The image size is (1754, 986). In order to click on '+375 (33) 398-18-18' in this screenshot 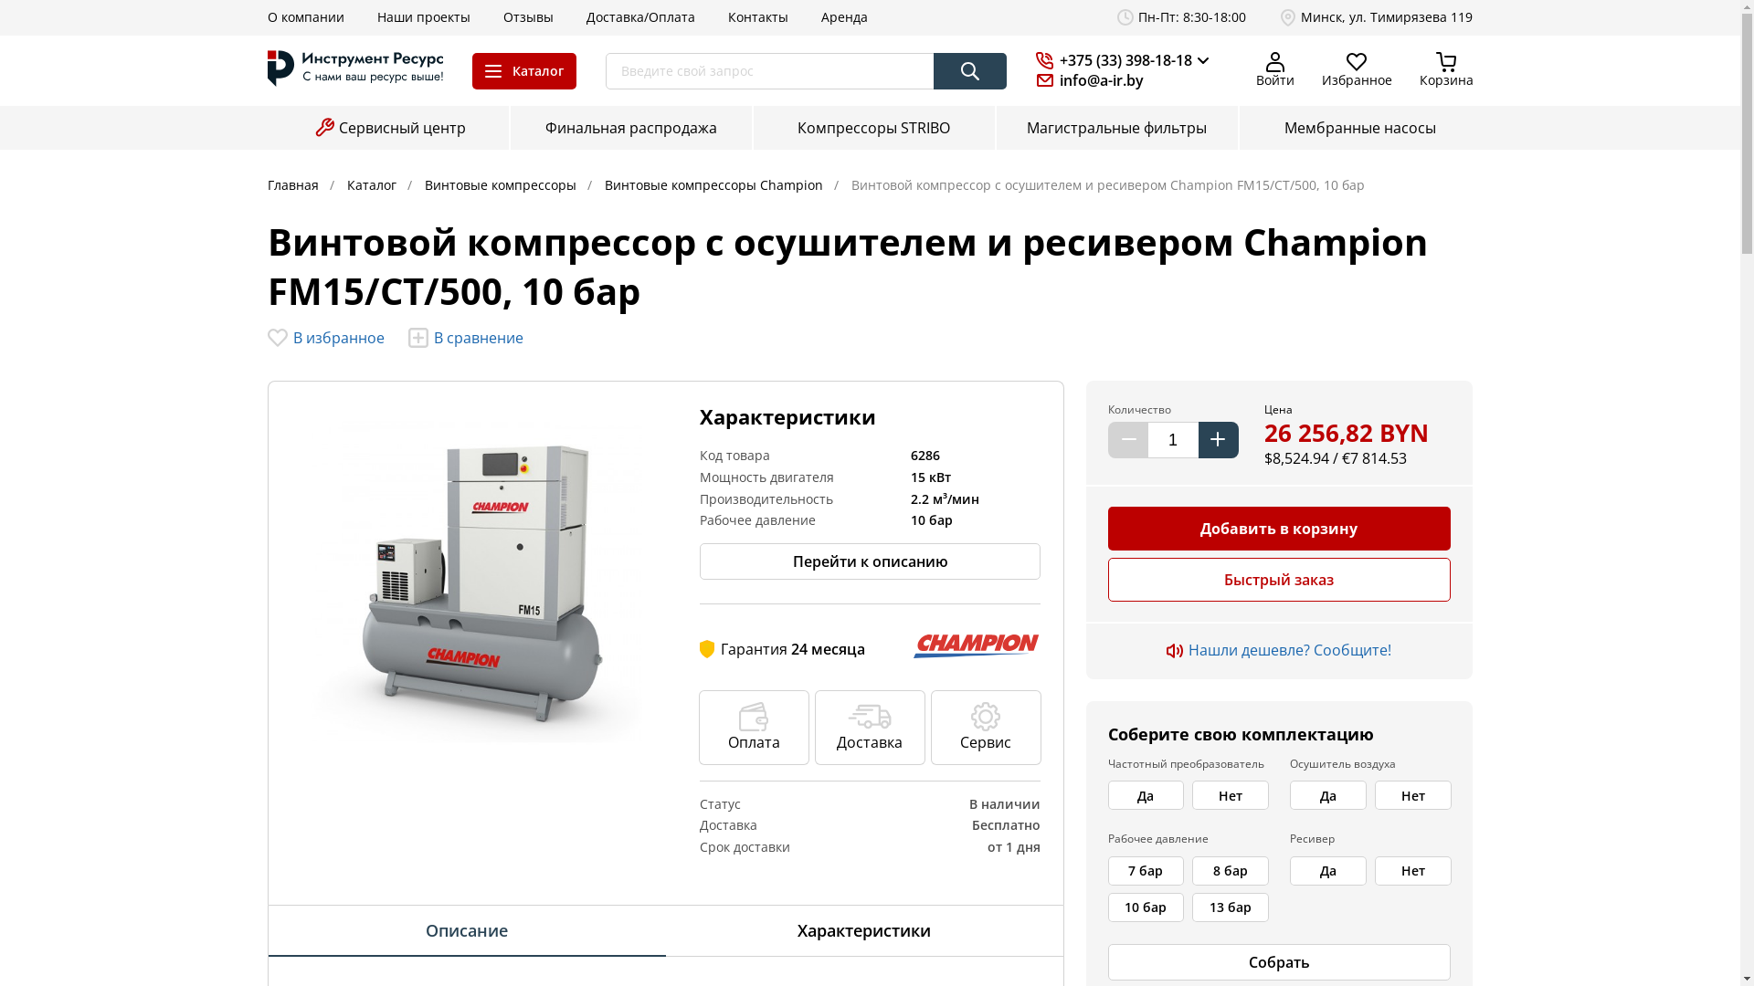, I will do `click(1125, 58)`.